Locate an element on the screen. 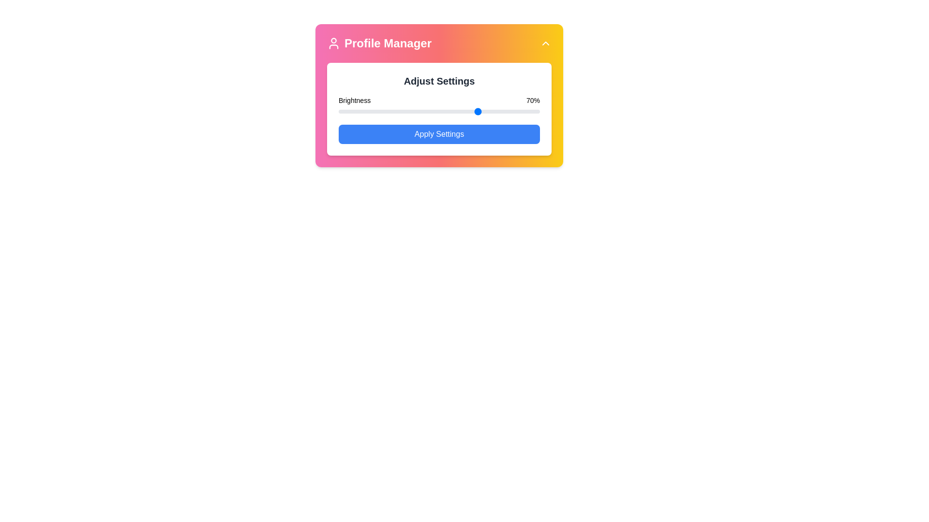  brightness is located at coordinates (421, 111).